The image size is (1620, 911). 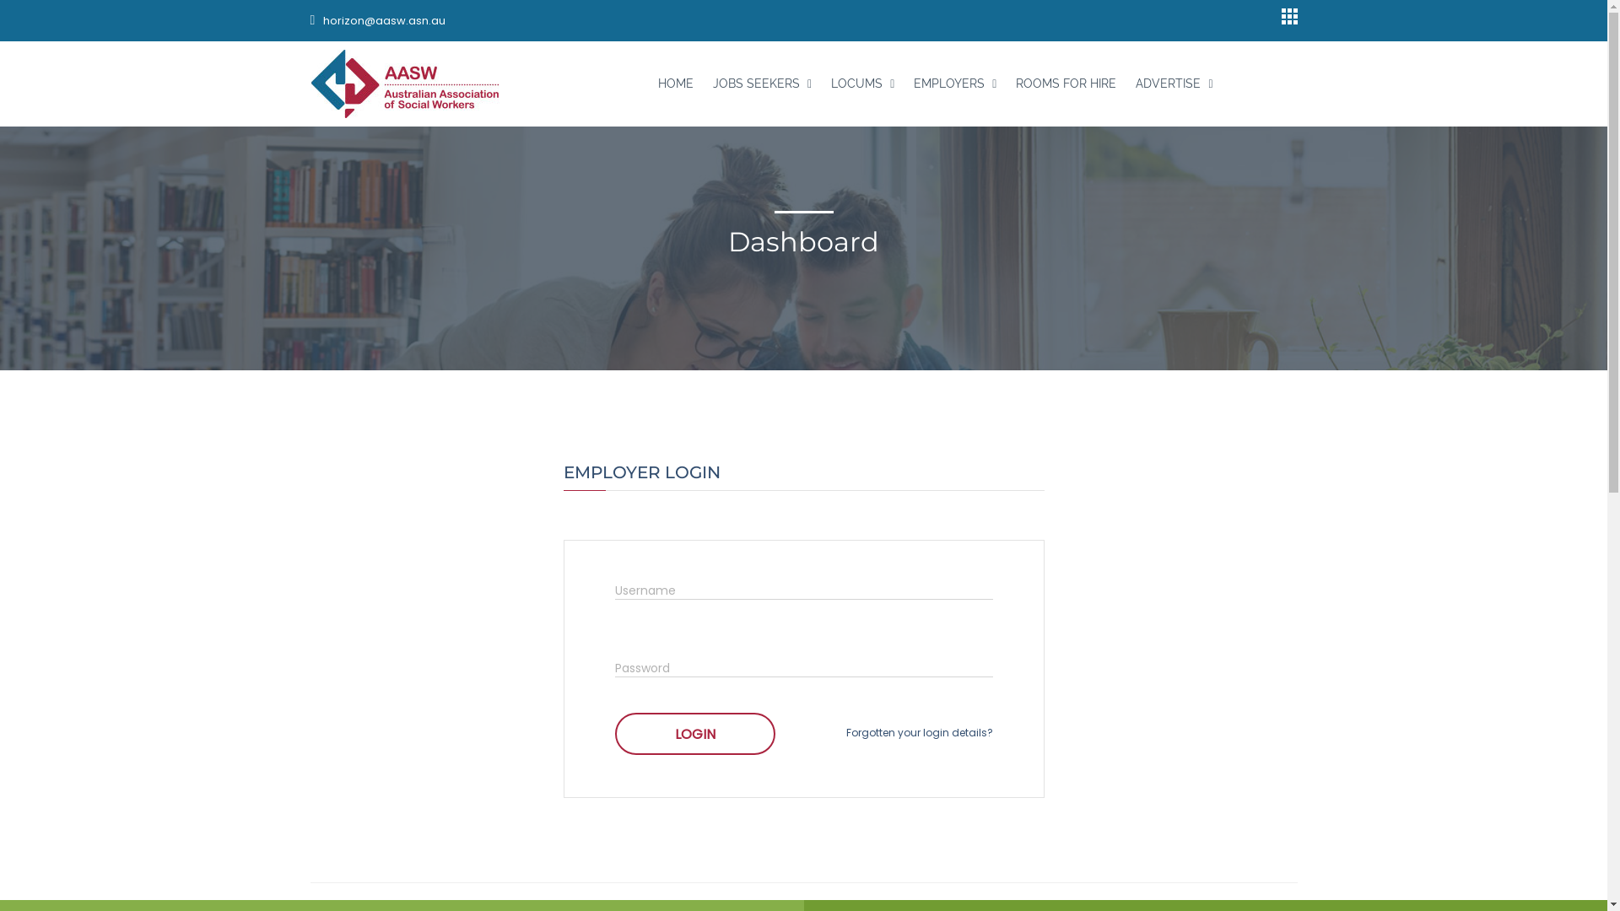 What do you see at coordinates (761, 84) in the screenshot?
I see `'JOBS SEEKERS'` at bounding box center [761, 84].